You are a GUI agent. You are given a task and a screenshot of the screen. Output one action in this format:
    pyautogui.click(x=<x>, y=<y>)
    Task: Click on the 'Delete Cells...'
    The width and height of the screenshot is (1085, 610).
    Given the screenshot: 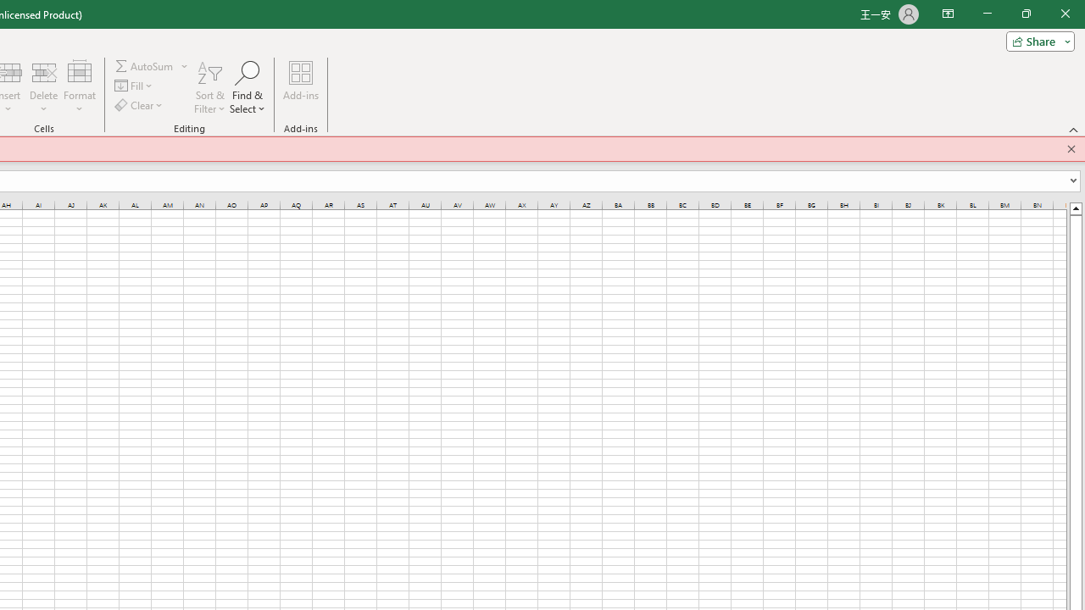 What is the action you would take?
    pyautogui.click(x=43, y=71)
    